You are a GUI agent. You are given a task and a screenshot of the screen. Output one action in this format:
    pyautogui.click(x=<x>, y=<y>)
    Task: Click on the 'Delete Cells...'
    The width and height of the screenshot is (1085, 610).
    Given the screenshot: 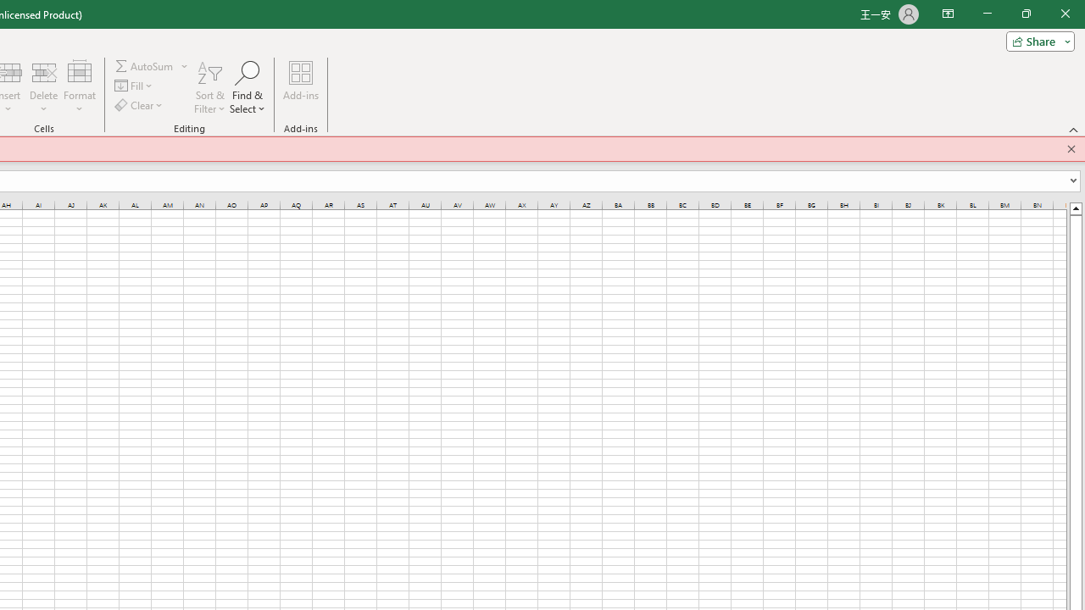 What is the action you would take?
    pyautogui.click(x=43, y=71)
    